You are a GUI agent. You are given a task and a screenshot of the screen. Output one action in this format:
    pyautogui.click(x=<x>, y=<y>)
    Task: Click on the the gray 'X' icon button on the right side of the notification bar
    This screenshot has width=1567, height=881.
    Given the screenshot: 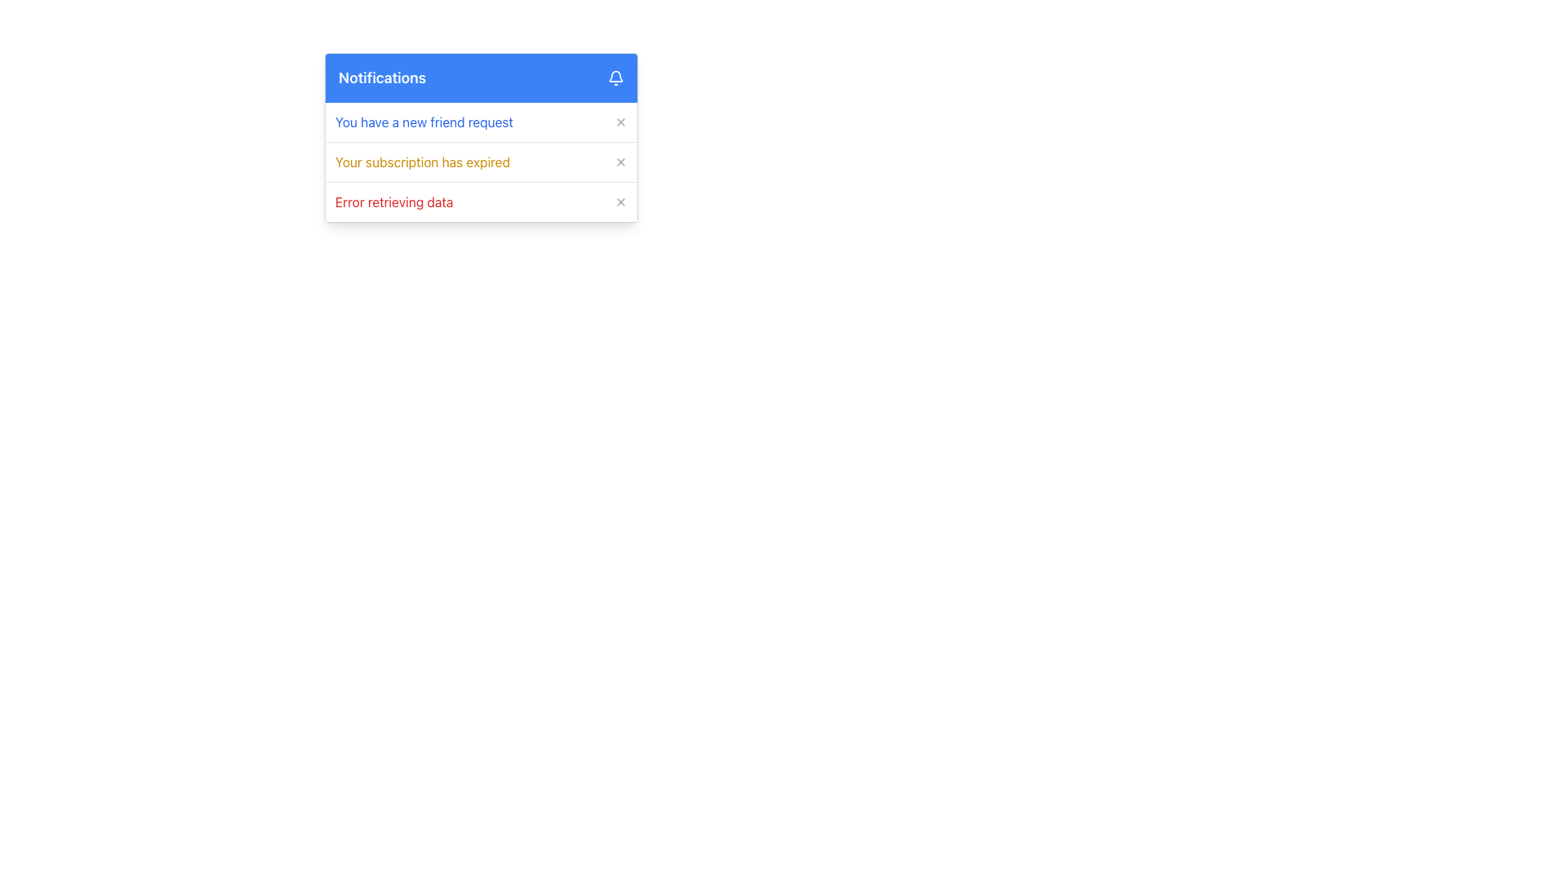 What is the action you would take?
    pyautogui.click(x=620, y=162)
    